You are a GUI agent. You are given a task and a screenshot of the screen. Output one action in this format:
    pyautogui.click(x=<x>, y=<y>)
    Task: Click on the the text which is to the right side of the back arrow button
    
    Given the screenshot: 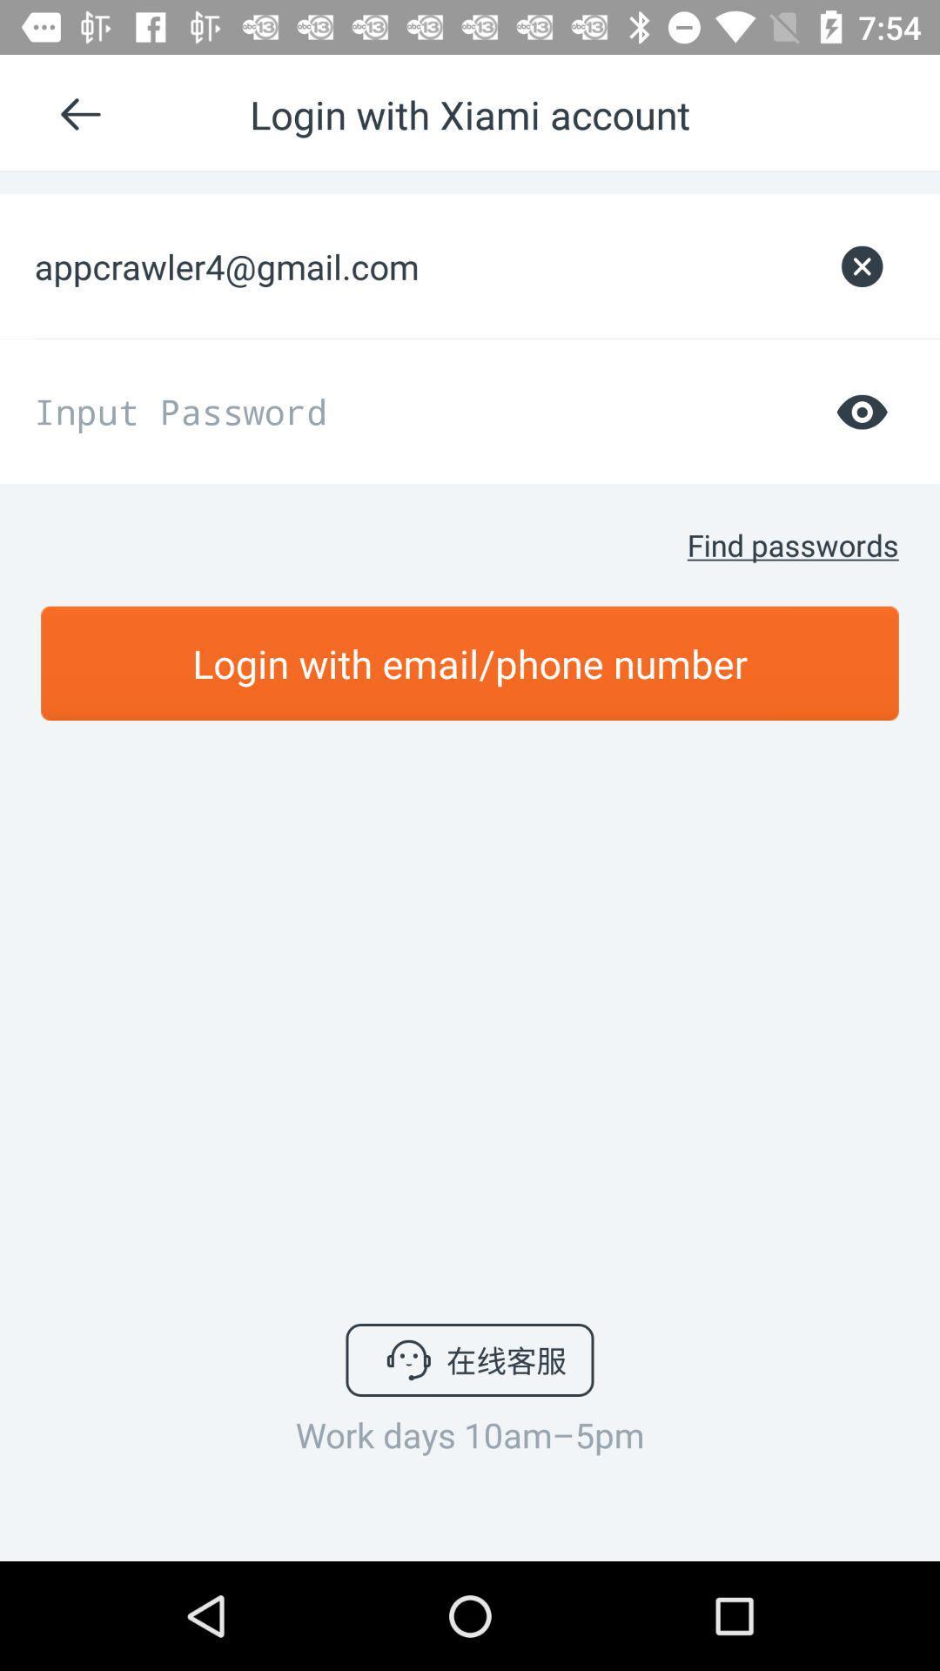 What is the action you would take?
    pyautogui.click(x=470, y=113)
    